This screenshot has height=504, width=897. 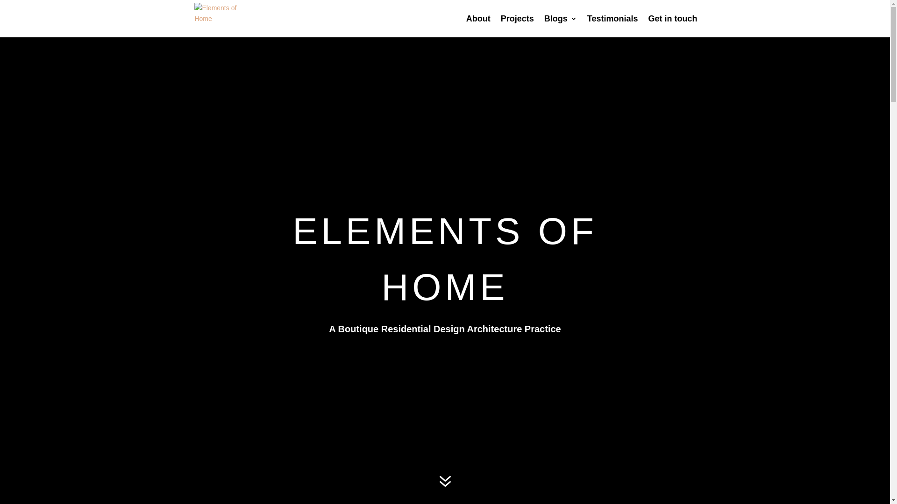 What do you see at coordinates (544, 26) in the screenshot?
I see `'Blogs'` at bounding box center [544, 26].